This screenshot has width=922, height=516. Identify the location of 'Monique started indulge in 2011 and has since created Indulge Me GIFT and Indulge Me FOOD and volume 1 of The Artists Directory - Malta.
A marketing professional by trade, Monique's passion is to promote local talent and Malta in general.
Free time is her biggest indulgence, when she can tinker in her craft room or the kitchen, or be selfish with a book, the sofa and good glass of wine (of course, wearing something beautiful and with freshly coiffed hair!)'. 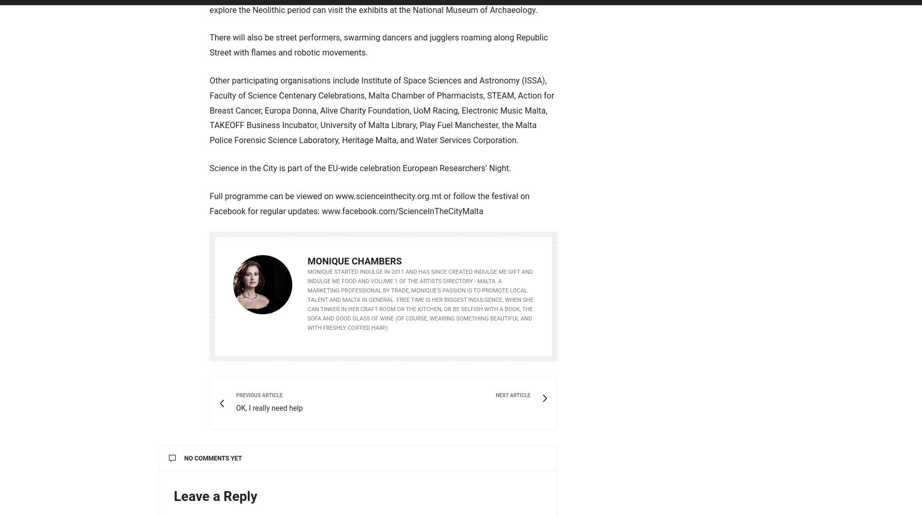
(420, 299).